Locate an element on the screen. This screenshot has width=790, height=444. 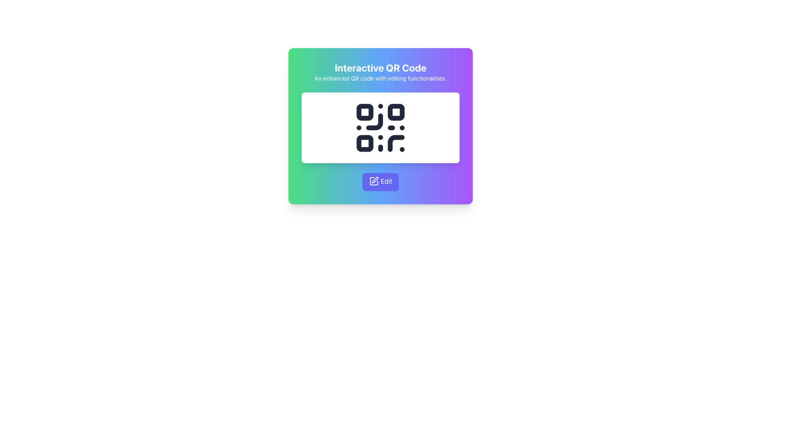
the button located at the bottom of the colored card interface, directly beneath the QR code display area is located at coordinates (380, 182).